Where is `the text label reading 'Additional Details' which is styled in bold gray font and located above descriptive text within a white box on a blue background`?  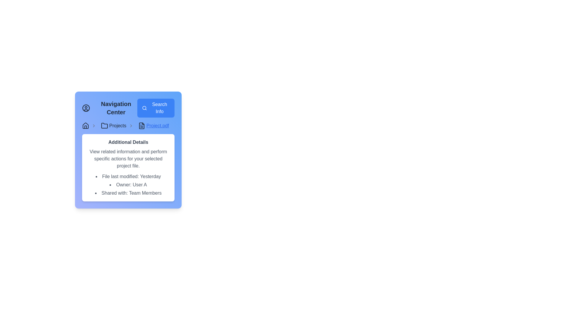 the text label reading 'Additional Details' which is styled in bold gray font and located above descriptive text within a white box on a blue background is located at coordinates (128, 142).